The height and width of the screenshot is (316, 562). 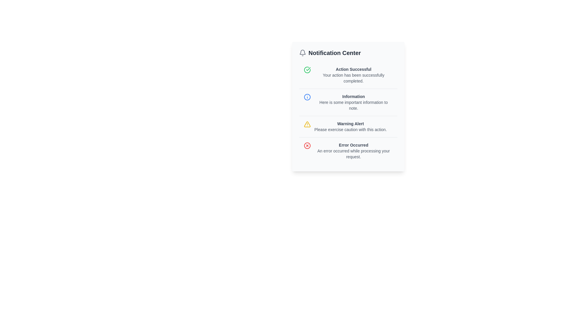 I want to click on the text label that reads 'Error Occurred', which is styled in bold with a smaller-than-default font size and dark gray color, located at the bottom of a vertically arranged notification panel, so click(x=353, y=145).